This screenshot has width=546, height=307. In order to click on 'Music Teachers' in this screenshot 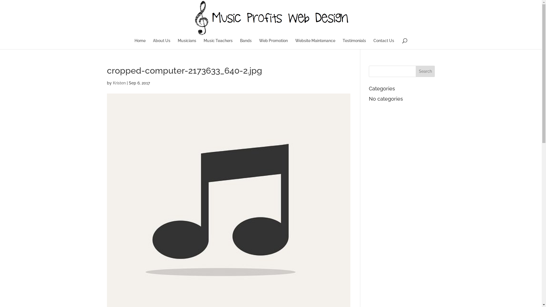, I will do `click(218, 43)`.